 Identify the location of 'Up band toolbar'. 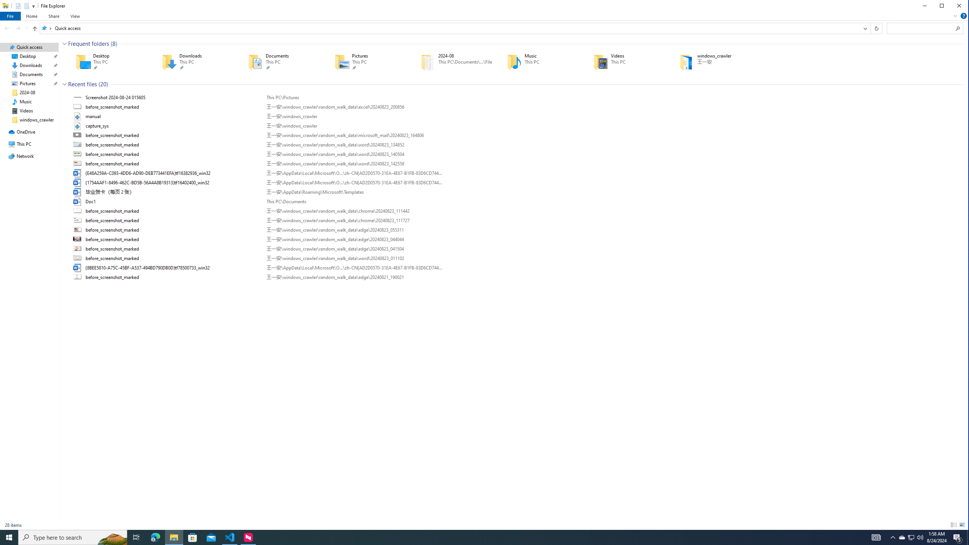
(34, 29).